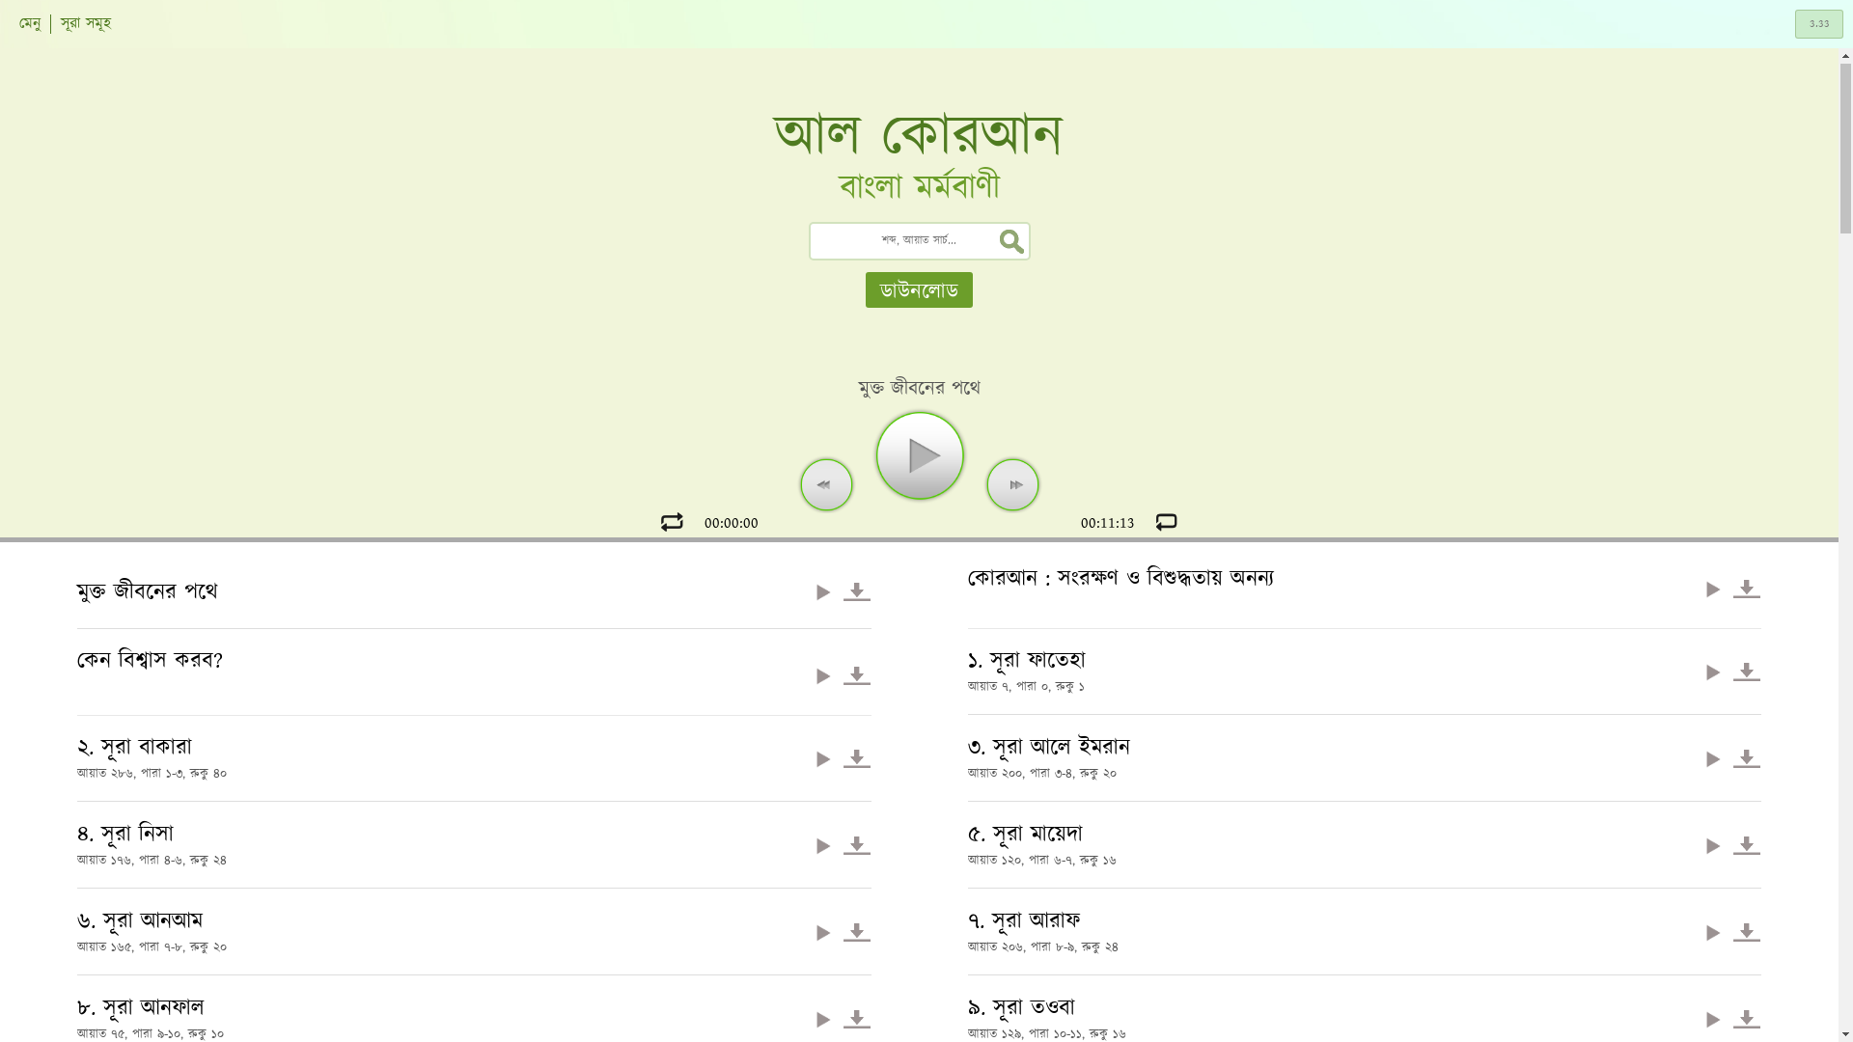 The height and width of the screenshot is (1042, 1853). Describe the element at coordinates (823, 674) in the screenshot. I see `'Play'` at that location.